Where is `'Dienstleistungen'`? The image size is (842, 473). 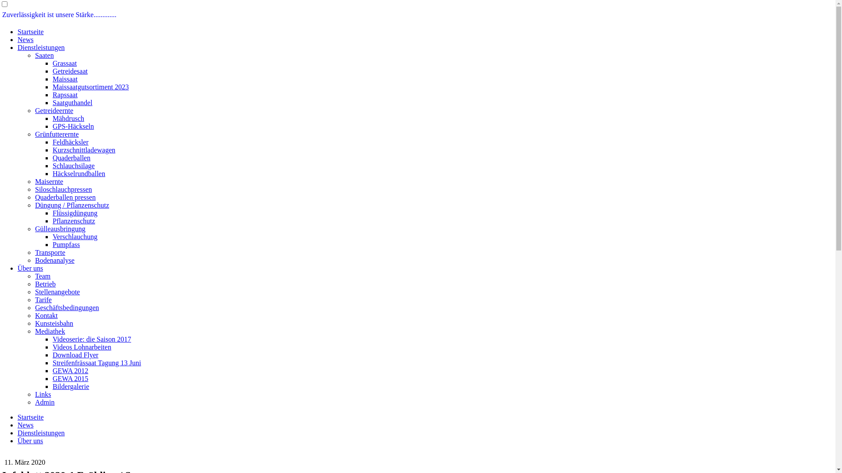 'Dienstleistungen' is located at coordinates (41, 432).